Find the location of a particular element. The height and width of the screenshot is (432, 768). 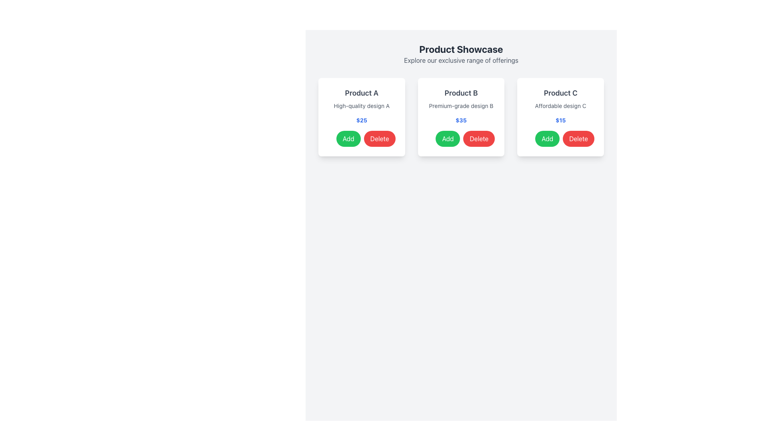

the 'Add' button, which is an oval-shaped button with a green background and white text, located at the bottom-right corner of the card for Product C is located at coordinates (547, 138).